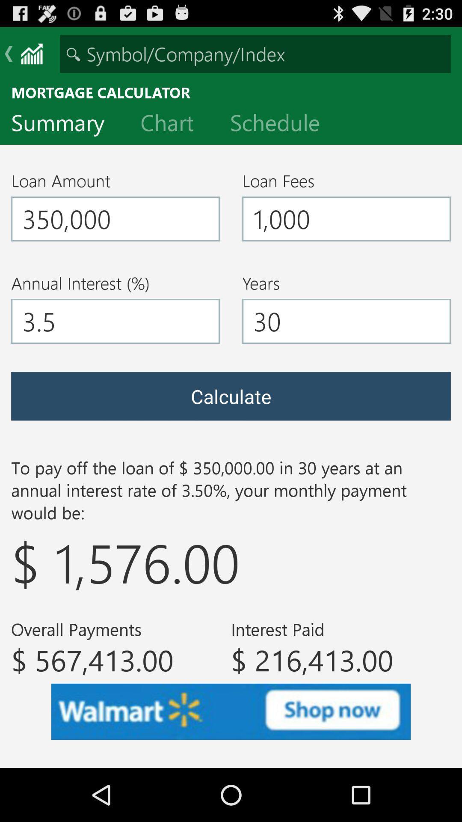 This screenshot has height=822, width=462. Describe the element at coordinates (64, 124) in the screenshot. I see `the icon below the mortgage calculator icon` at that location.